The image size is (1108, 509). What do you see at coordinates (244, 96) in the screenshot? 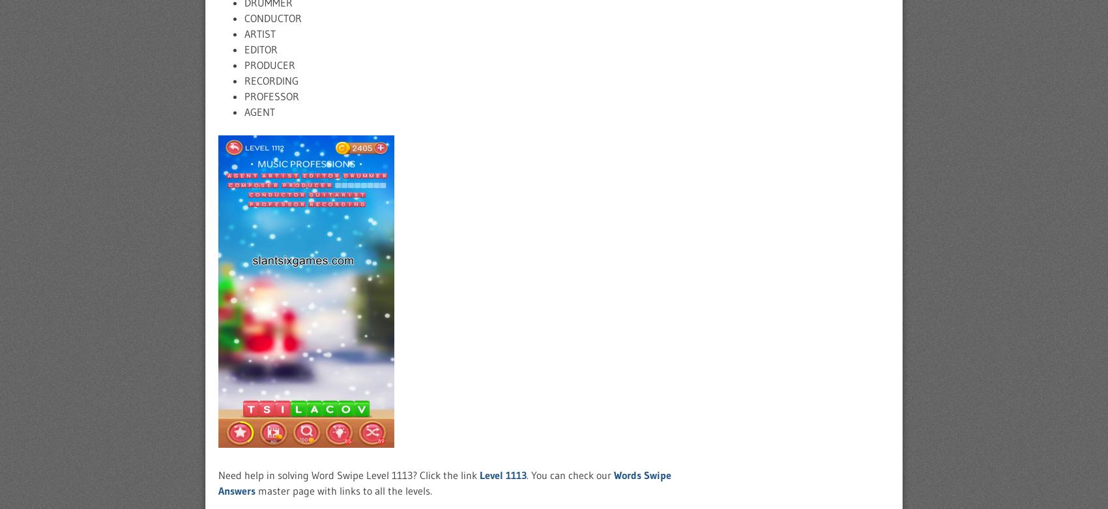
I see `'PROFESSOR'` at bounding box center [244, 96].